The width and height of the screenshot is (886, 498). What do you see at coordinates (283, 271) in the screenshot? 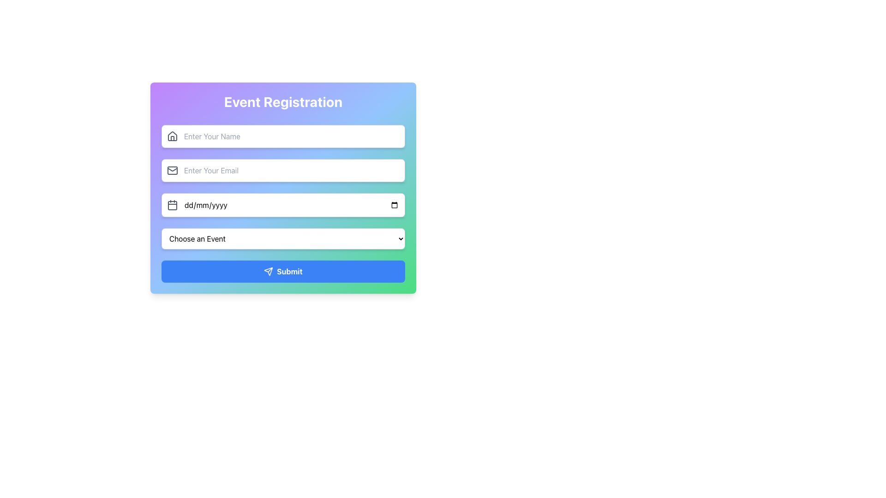
I see `the 'Submit' button with the text in bold white font on a blue background` at bounding box center [283, 271].